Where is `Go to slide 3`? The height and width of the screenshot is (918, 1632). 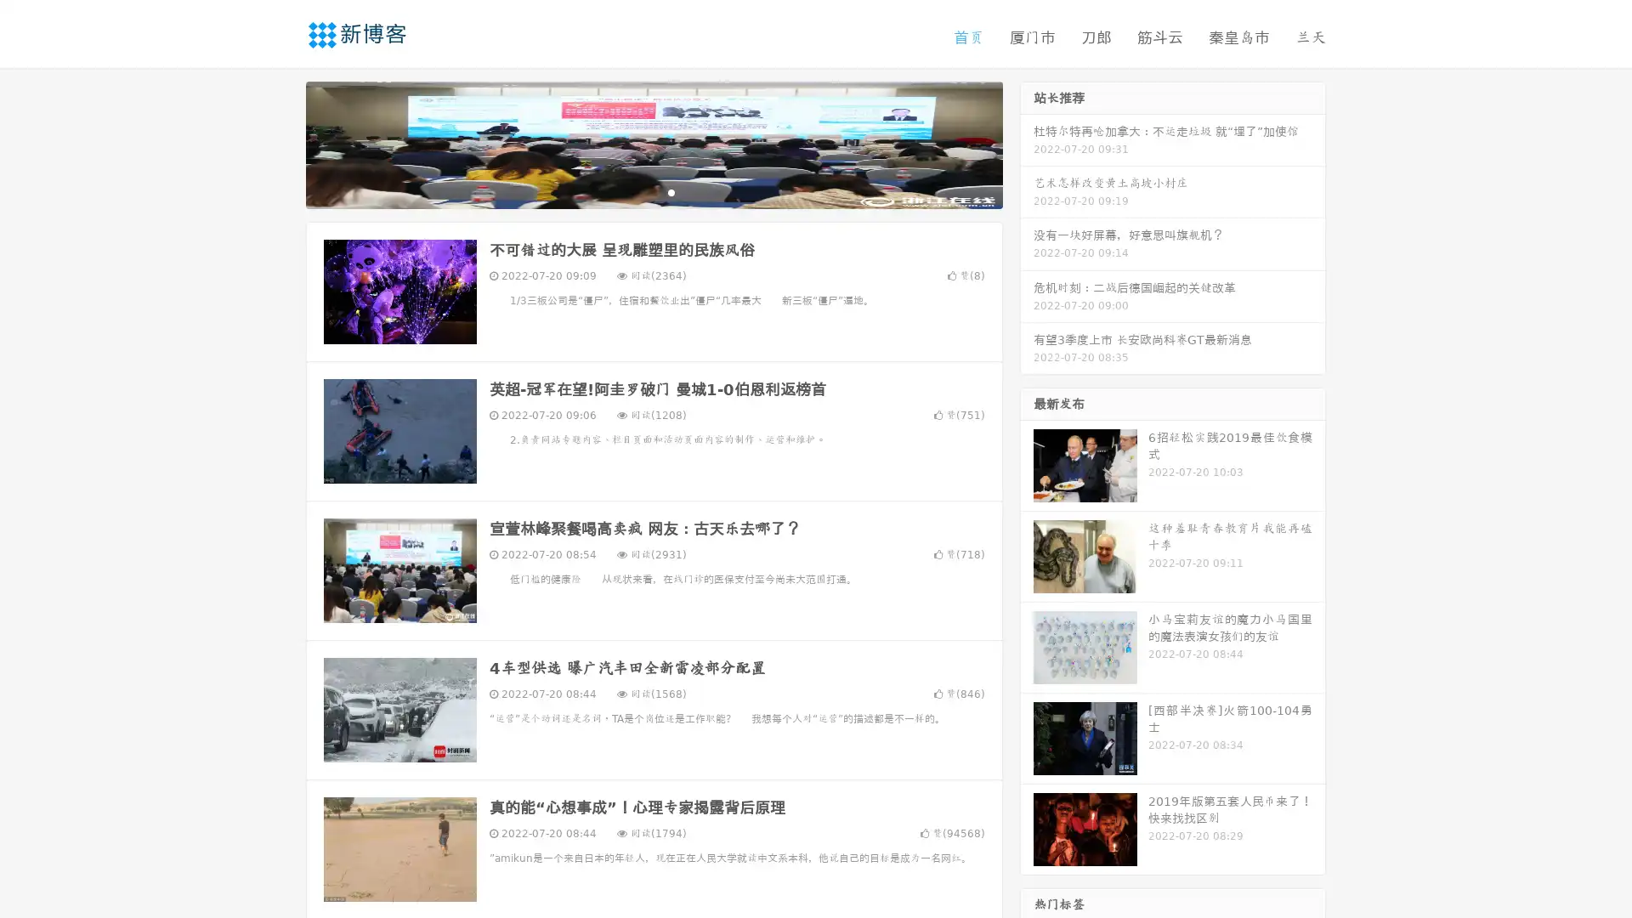 Go to slide 3 is located at coordinates (671, 191).